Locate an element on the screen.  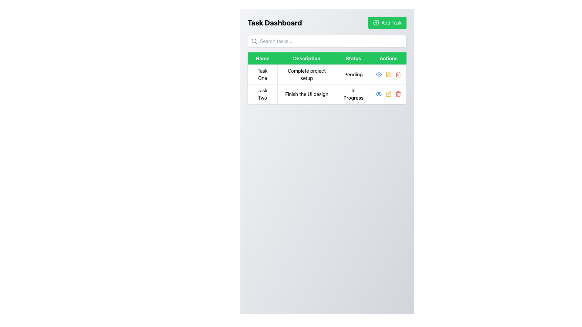
the delete button in the 'Actions' column of the second row in the table is located at coordinates (398, 74).